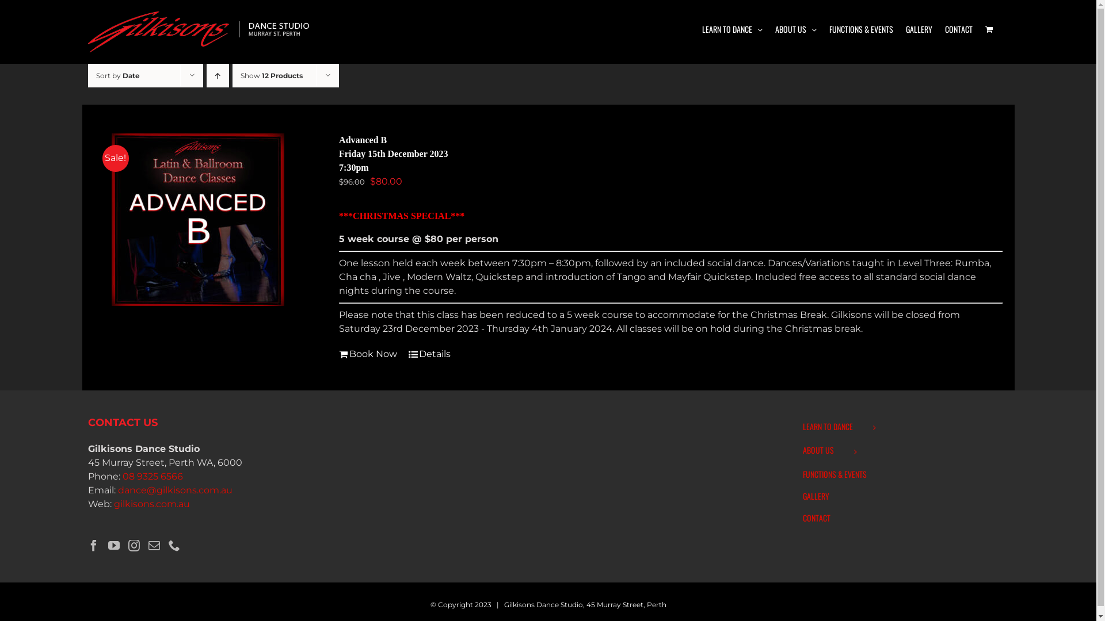 Image resolution: width=1105 pixels, height=621 pixels. What do you see at coordinates (121, 476) in the screenshot?
I see `'08 9325 6566'` at bounding box center [121, 476].